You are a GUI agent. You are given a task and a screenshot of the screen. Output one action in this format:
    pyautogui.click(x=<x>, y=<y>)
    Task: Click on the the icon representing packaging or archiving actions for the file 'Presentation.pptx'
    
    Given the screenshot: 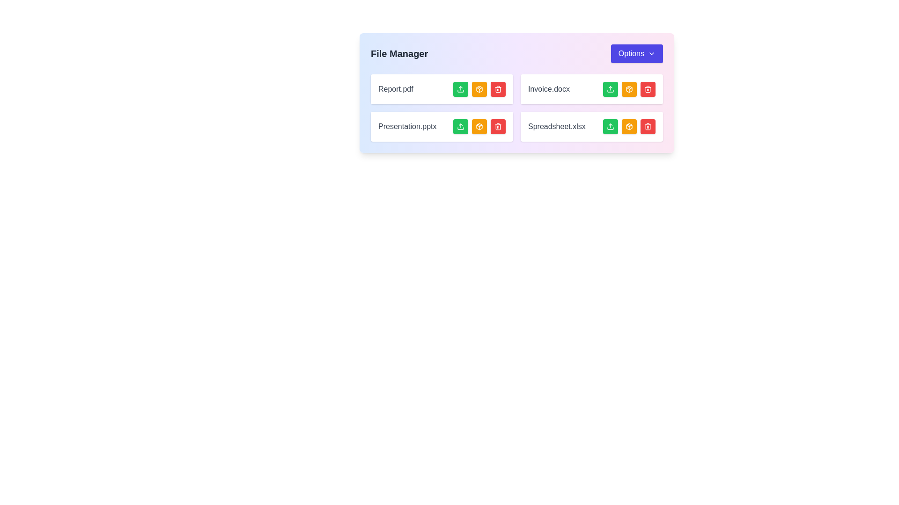 What is the action you would take?
    pyautogui.click(x=479, y=89)
    